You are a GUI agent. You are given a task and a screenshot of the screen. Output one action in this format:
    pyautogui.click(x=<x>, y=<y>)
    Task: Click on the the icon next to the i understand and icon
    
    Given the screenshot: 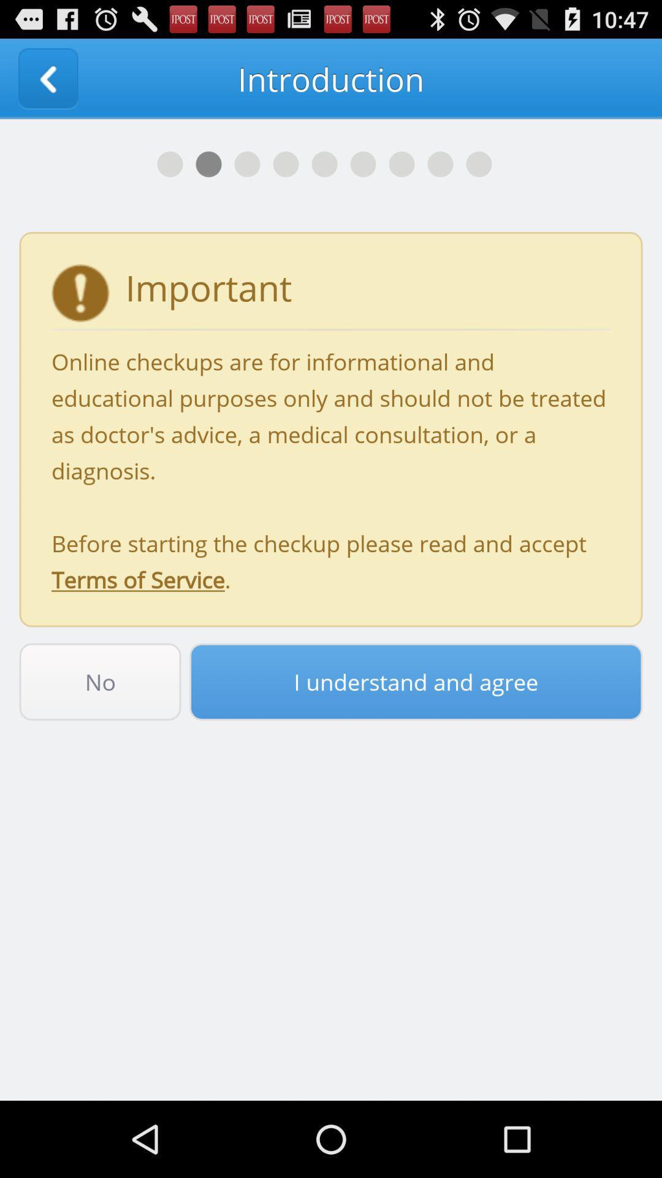 What is the action you would take?
    pyautogui.click(x=99, y=681)
    